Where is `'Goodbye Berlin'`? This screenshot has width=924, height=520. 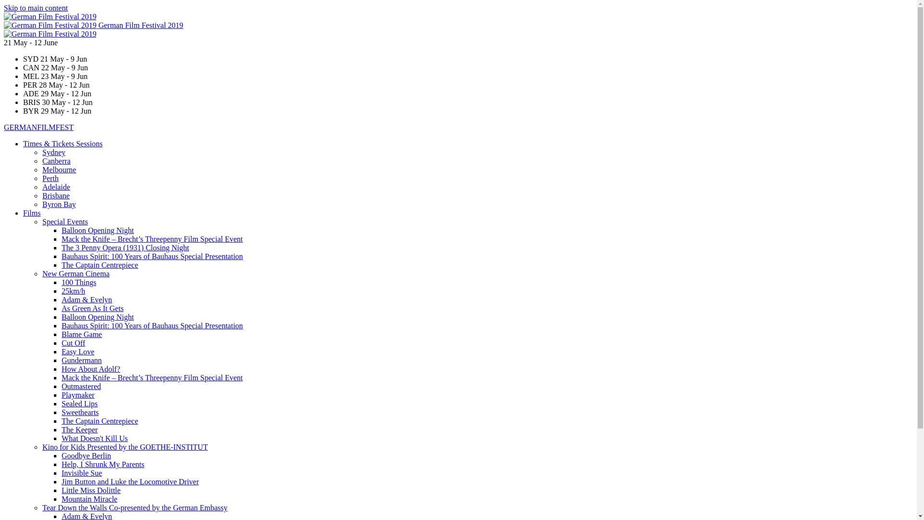 'Goodbye Berlin' is located at coordinates (86, 455).